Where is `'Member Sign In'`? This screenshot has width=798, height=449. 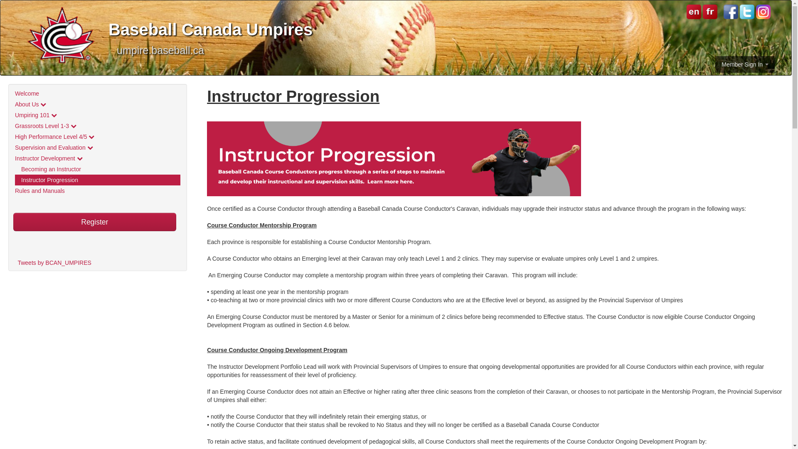 'Member Sign In' is located at coordinates (745, 64).